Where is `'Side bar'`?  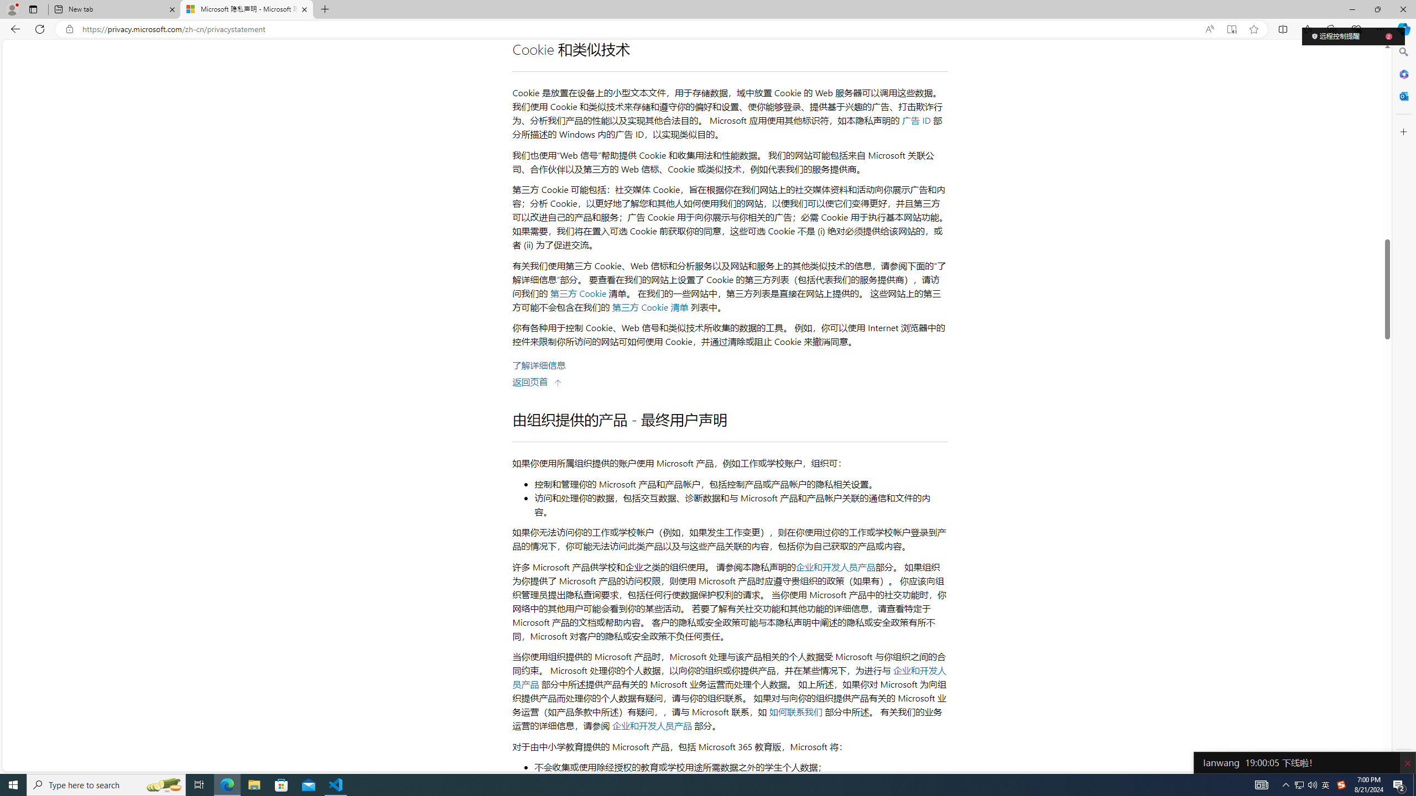 'Side bar' is located at coordinates (1403, 406).